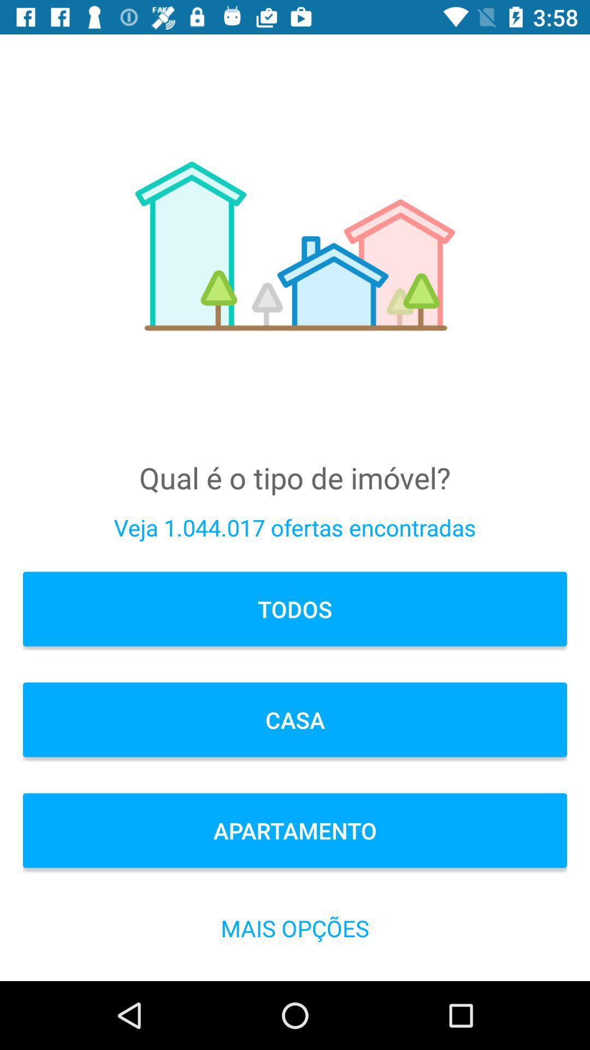 The height and width of the screenshot is (1050, 590). I want to click on the icon below the apartamento, so click(295, 927).